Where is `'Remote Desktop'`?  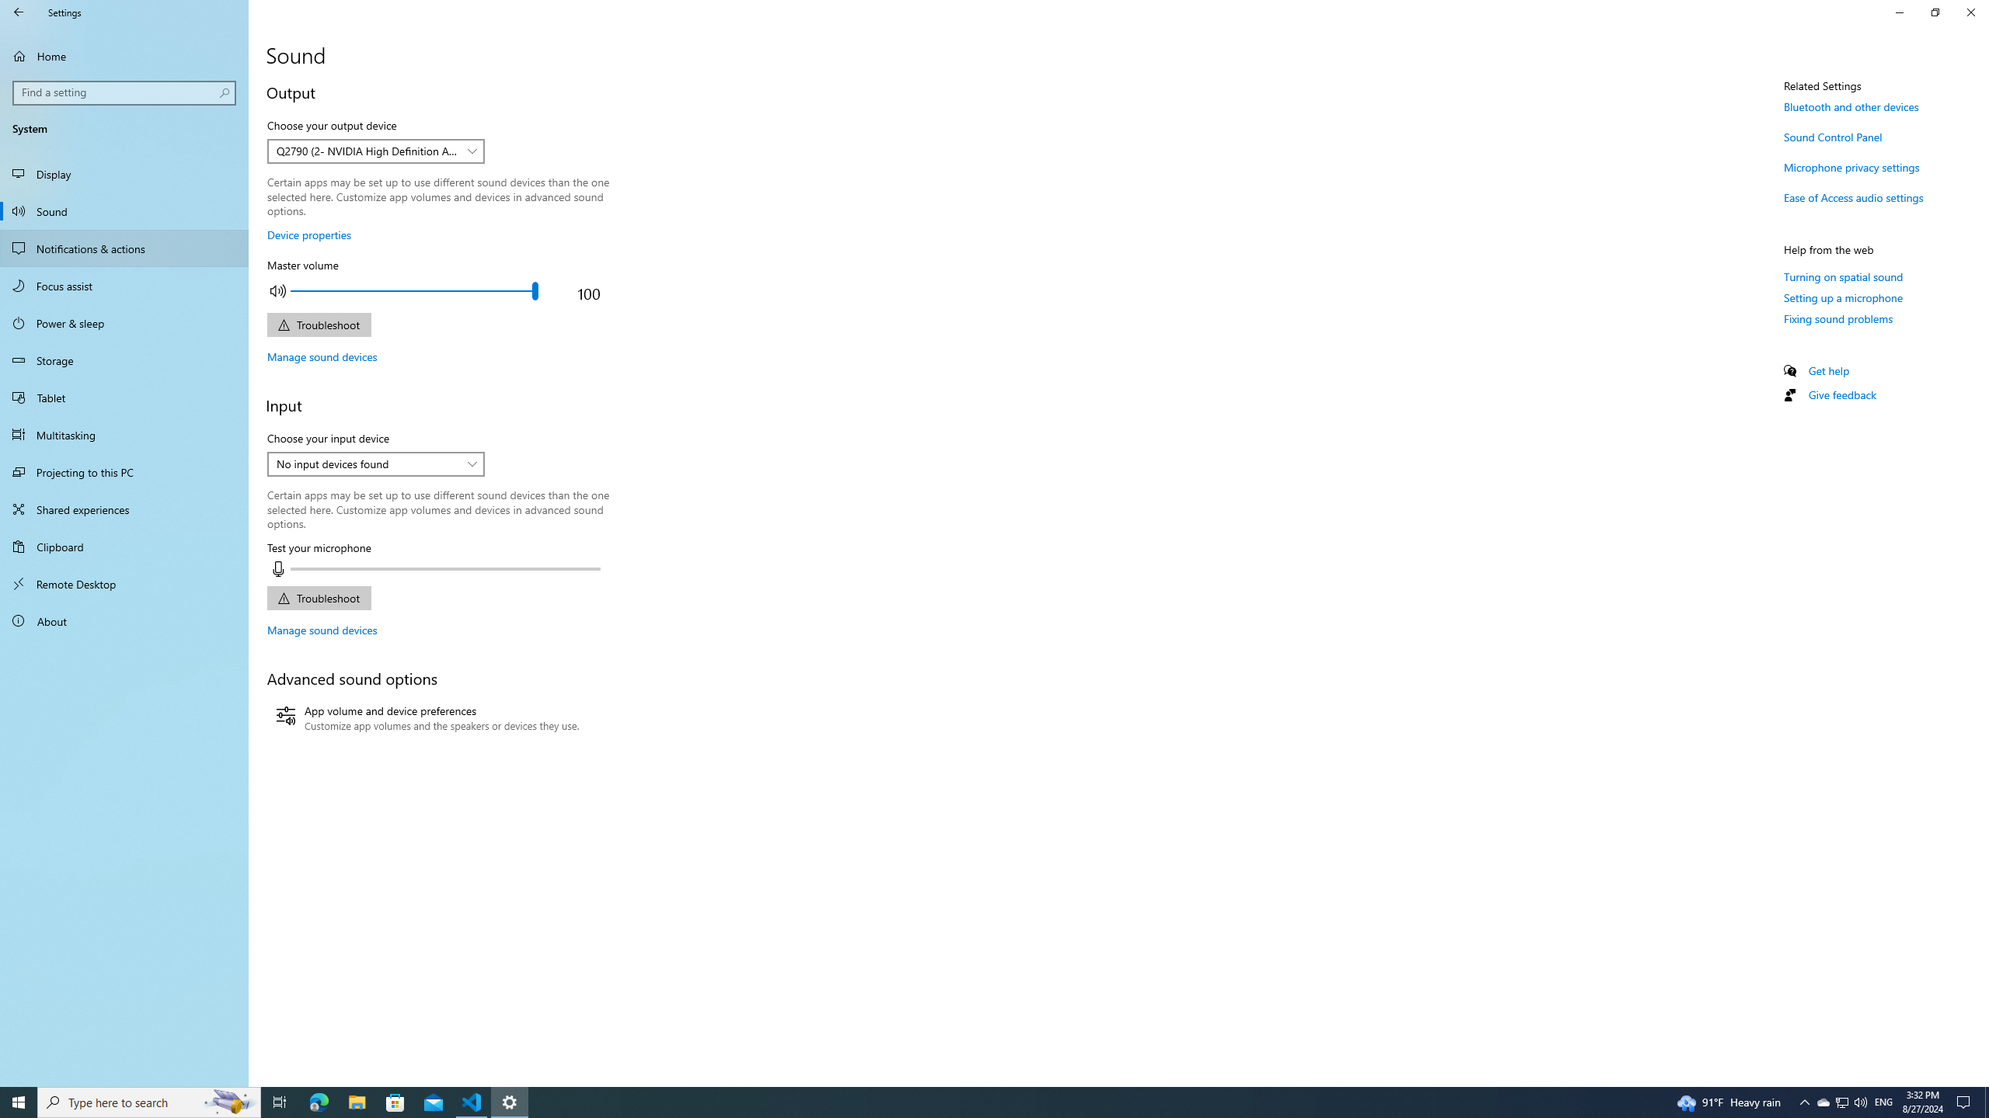 'Remote Desktop' is located at coordinates (124, 583).